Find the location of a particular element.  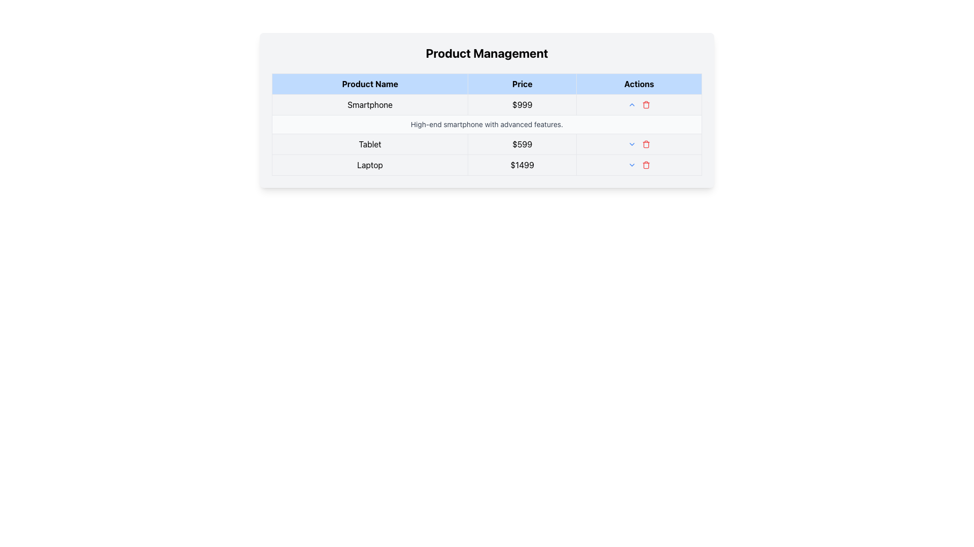

the price label ('$999') of the product 'Smartphone' located in the second column of the table's first row is located at coordinates (522, 105).